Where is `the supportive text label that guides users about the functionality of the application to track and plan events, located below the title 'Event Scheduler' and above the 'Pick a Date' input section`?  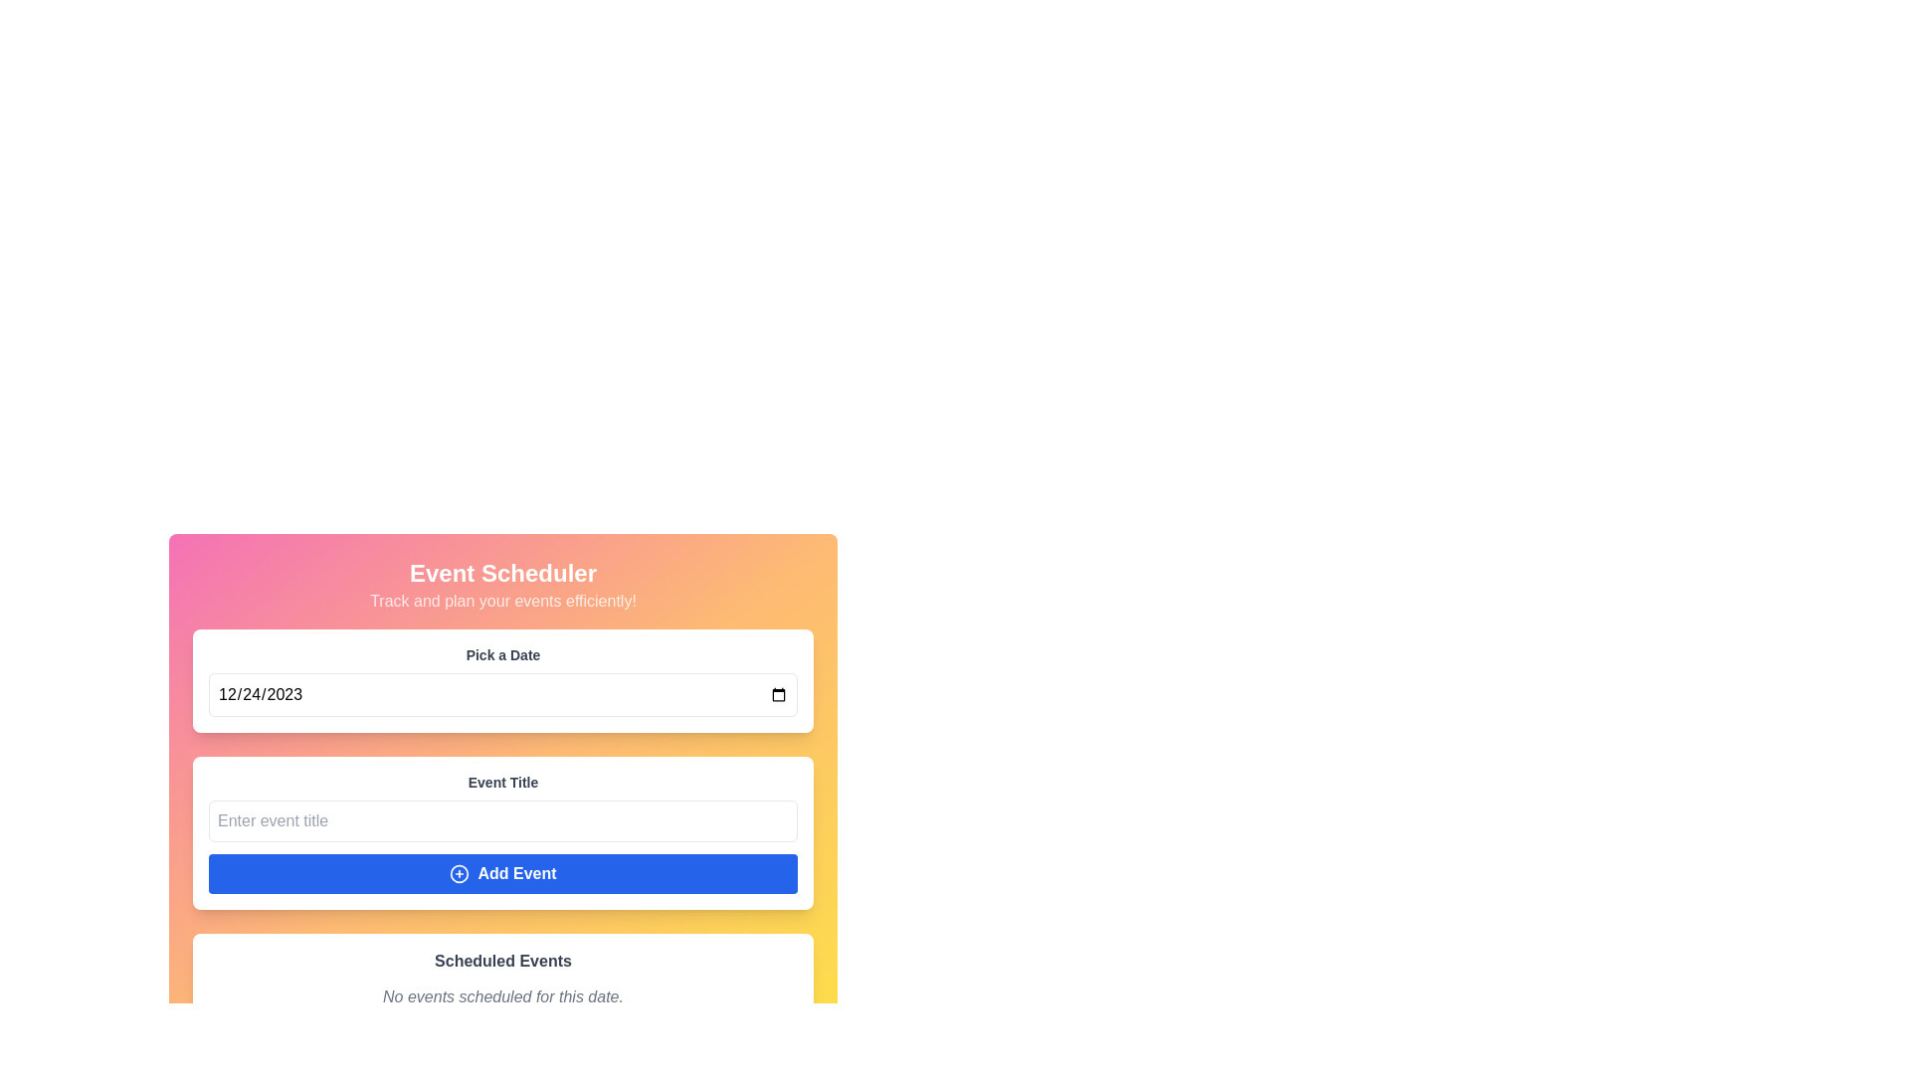 the supportive text label that guides users about the functionality of the application to track and plan events, located below the title 'Event Scheduler' and above the 'Pick a Date' input section is located at coordinates (502, 601).